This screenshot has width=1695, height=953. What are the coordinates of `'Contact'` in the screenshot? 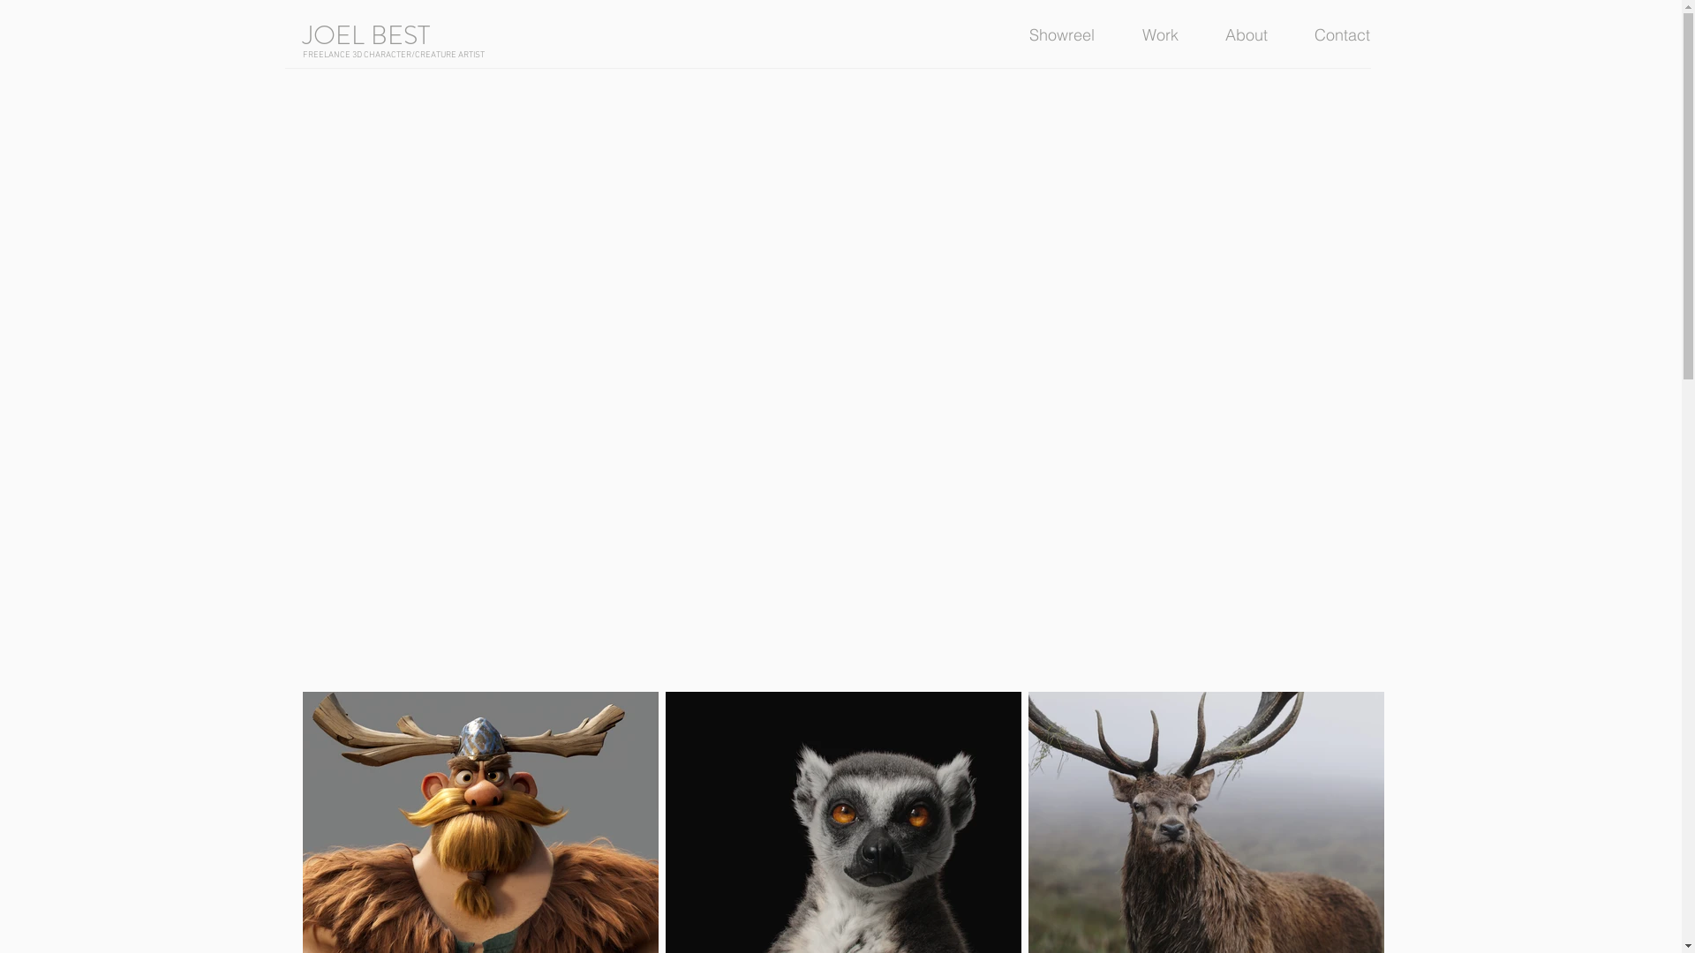 It's located at (1351, 34).